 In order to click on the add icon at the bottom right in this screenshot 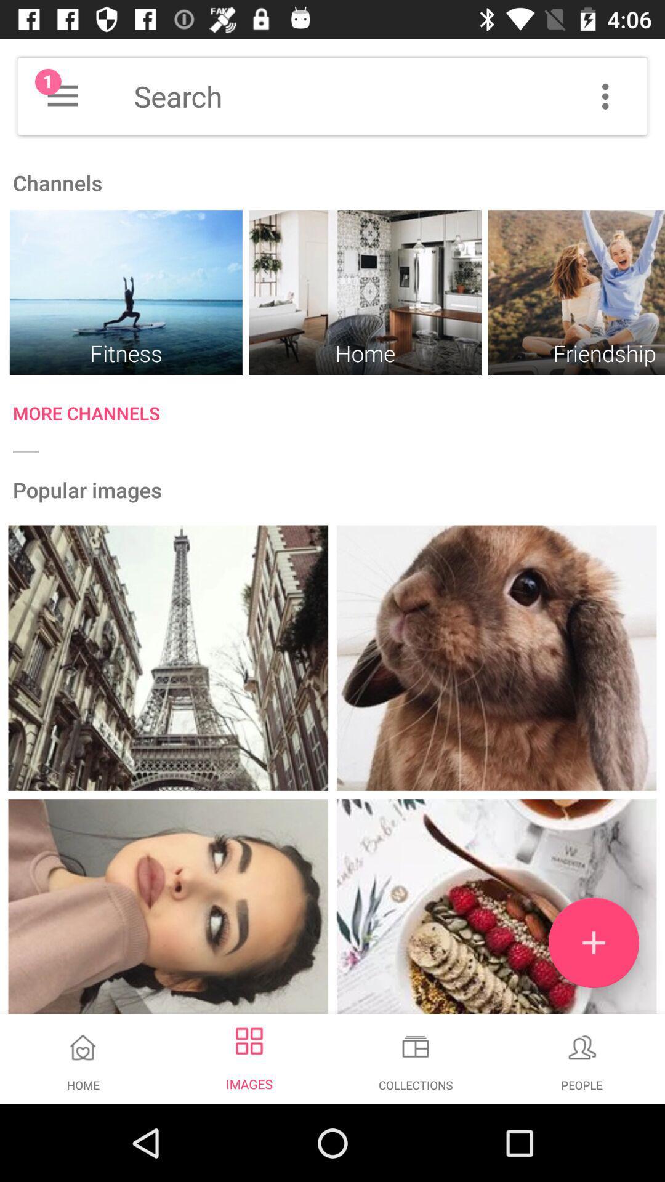, I will do `click(593, 942)`.